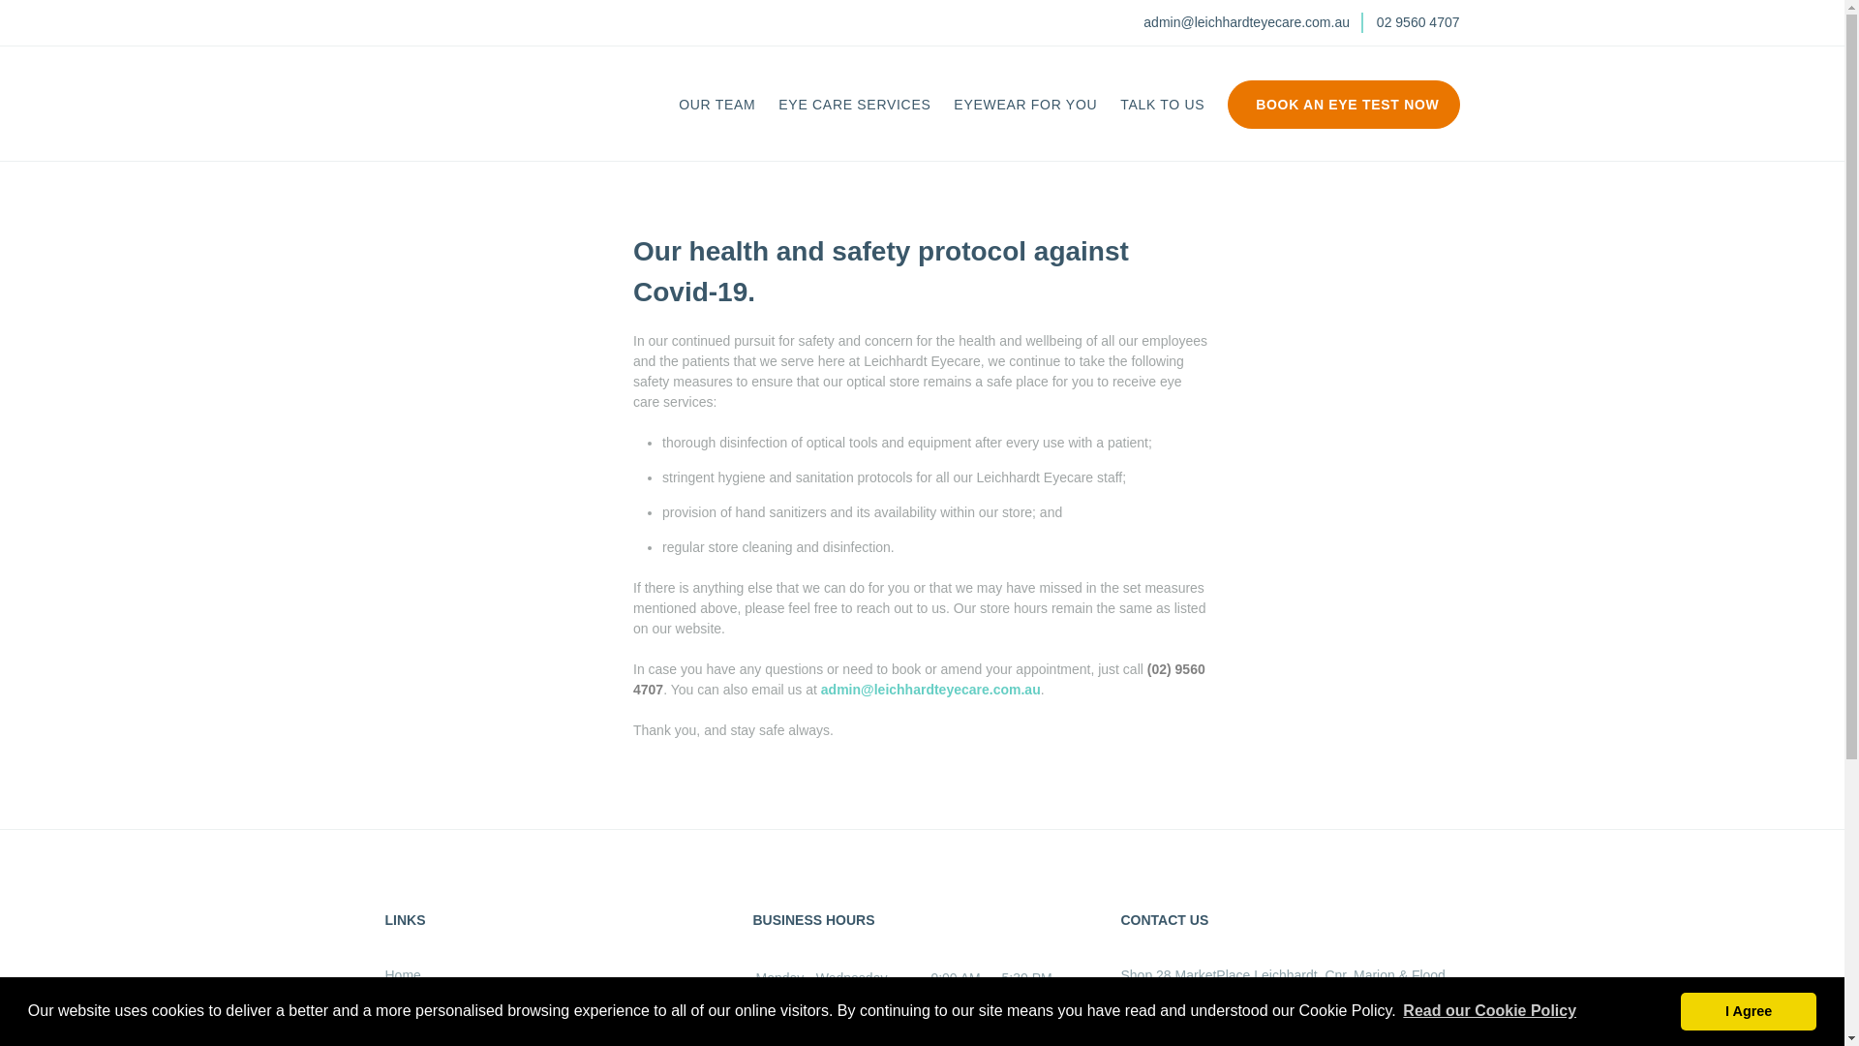  Describe the element at coordinates (1342, 114) in the screenshot. I see `'BOOK AN EYE TEST NOW'` at that location.